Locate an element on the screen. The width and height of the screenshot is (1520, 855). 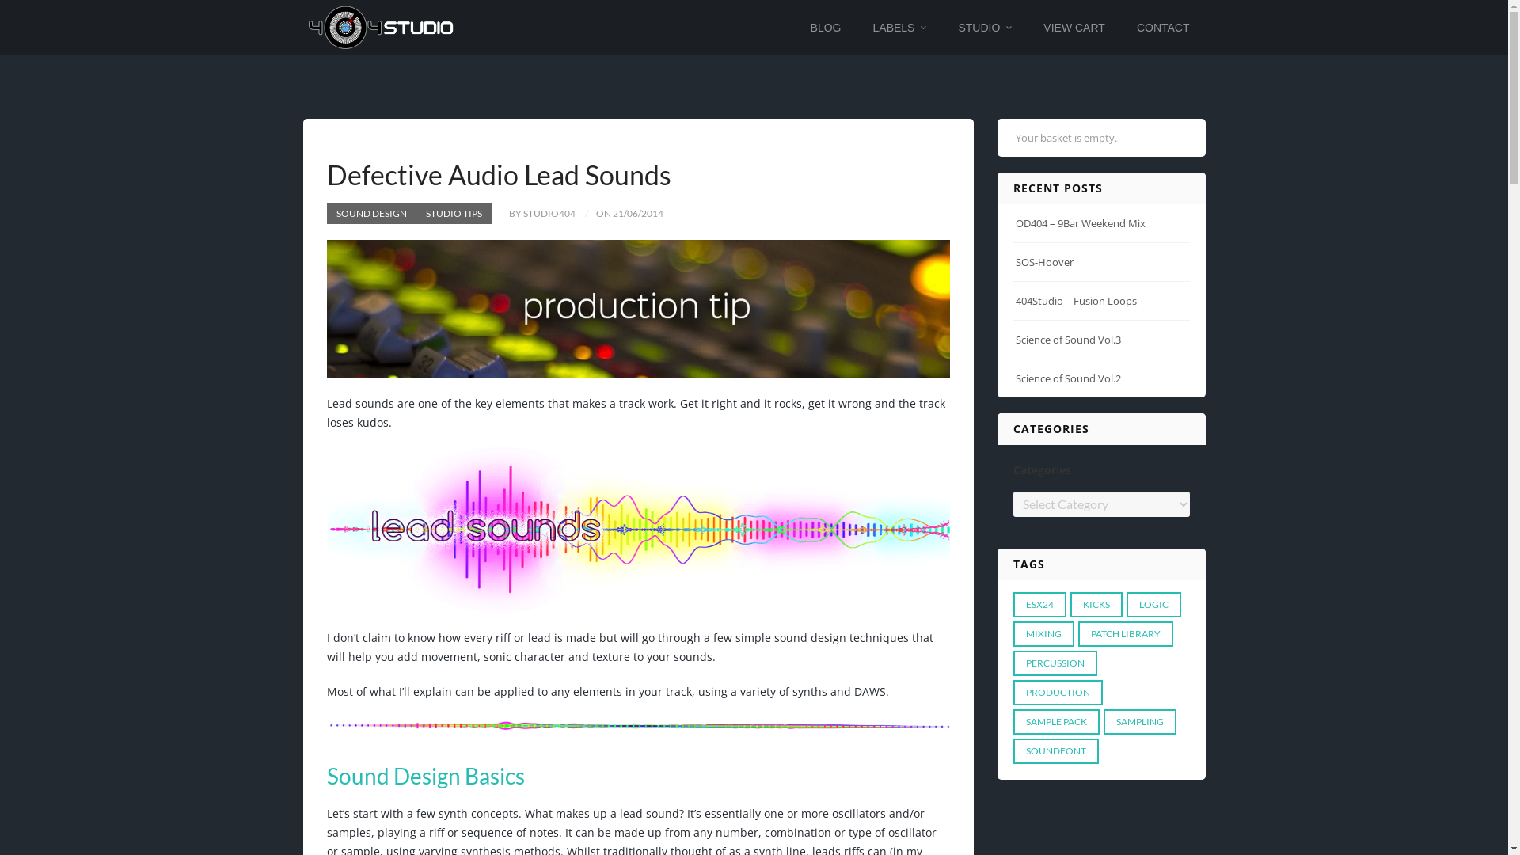
'STUDIO TIPS' is located at coordinates (453, 214).